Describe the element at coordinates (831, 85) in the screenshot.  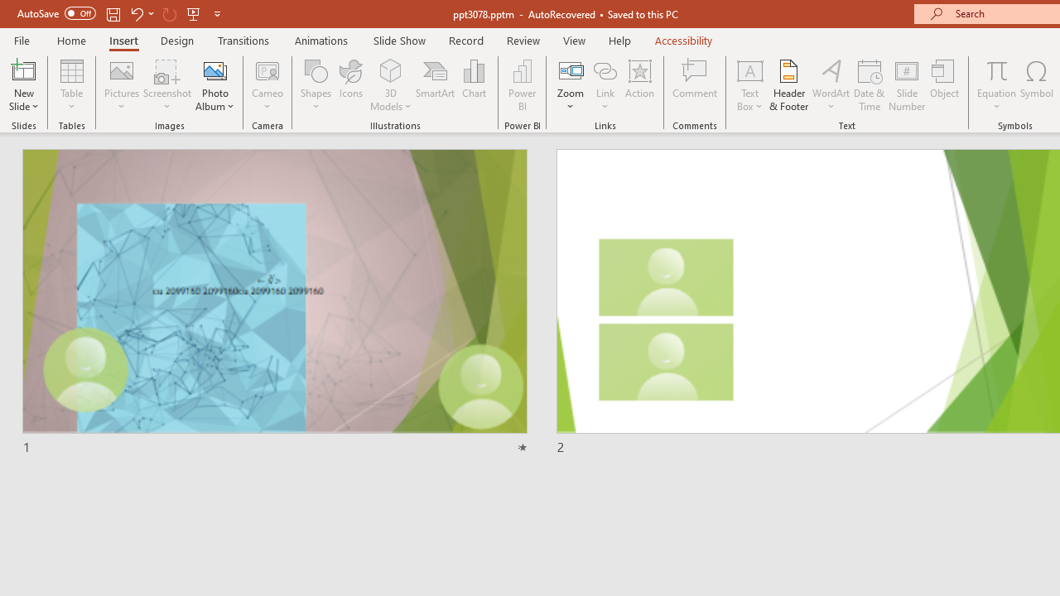
I see `'WordArt'` at that location.